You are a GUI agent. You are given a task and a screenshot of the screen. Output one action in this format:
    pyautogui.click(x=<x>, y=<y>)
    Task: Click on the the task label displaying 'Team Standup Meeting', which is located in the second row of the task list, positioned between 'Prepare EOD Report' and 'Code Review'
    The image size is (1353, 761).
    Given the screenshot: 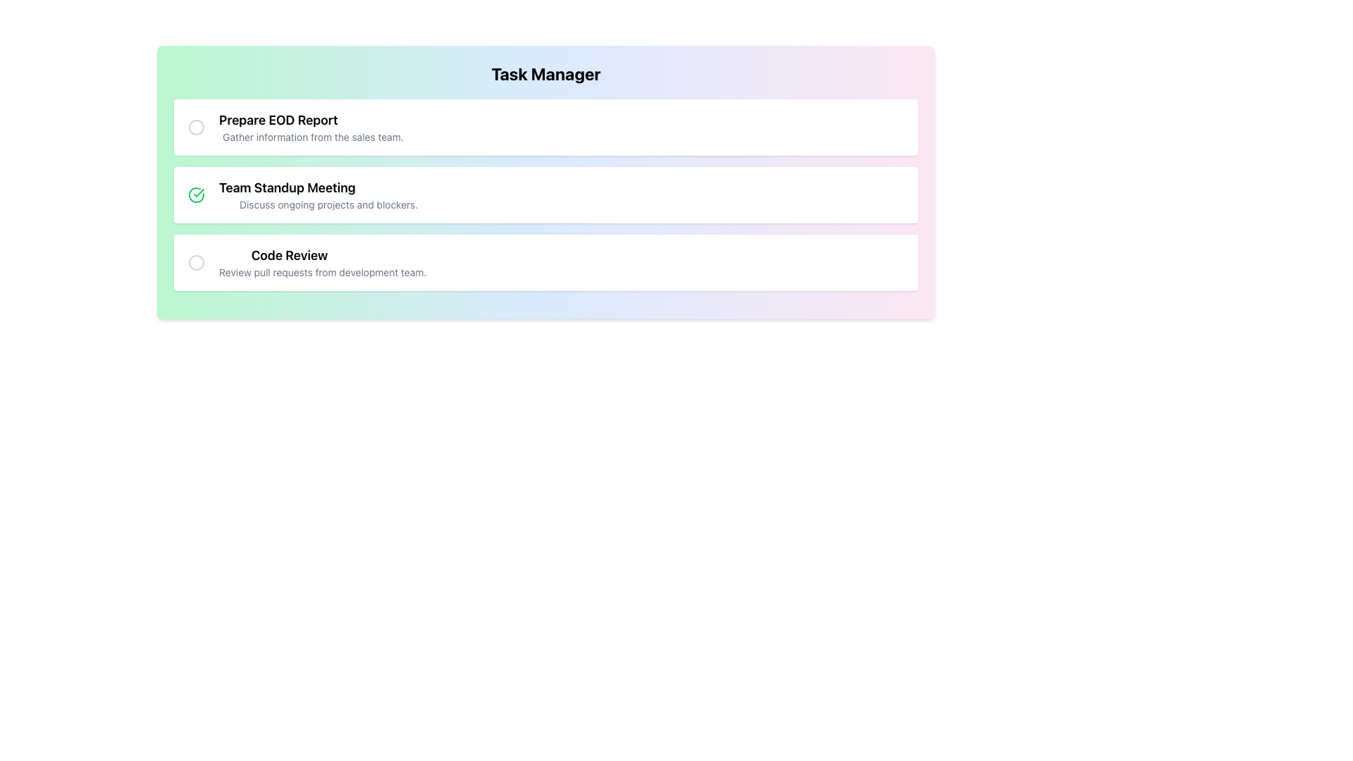 What is the action you would take?
    pyautogui.click(x=328, y=195)
    